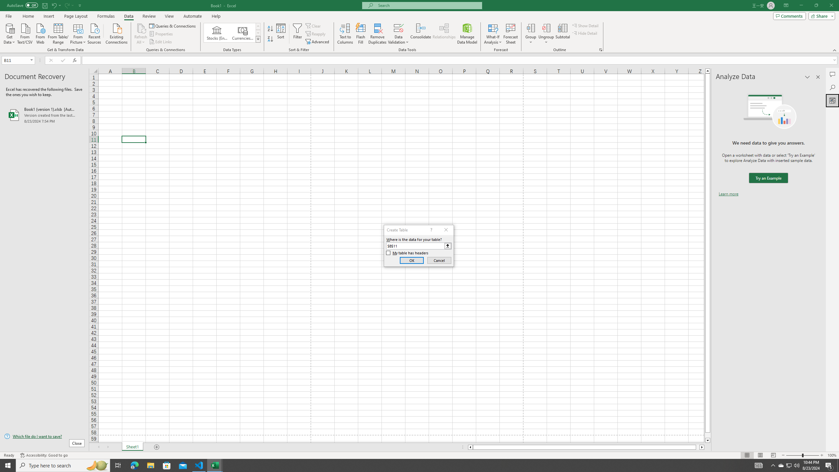  What do you see at coordinates (801, 5) in the screenshot?
I see `'Minimize'` at bounding box center [801, 5].